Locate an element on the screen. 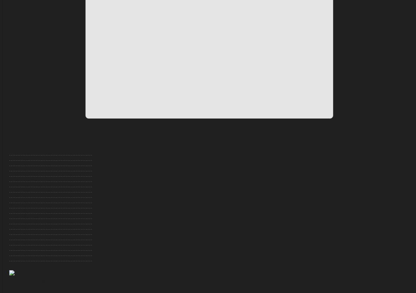 The height and width of the screenshot is (293, 416). 'Browse By Category' is located at coordinates (39, 142).